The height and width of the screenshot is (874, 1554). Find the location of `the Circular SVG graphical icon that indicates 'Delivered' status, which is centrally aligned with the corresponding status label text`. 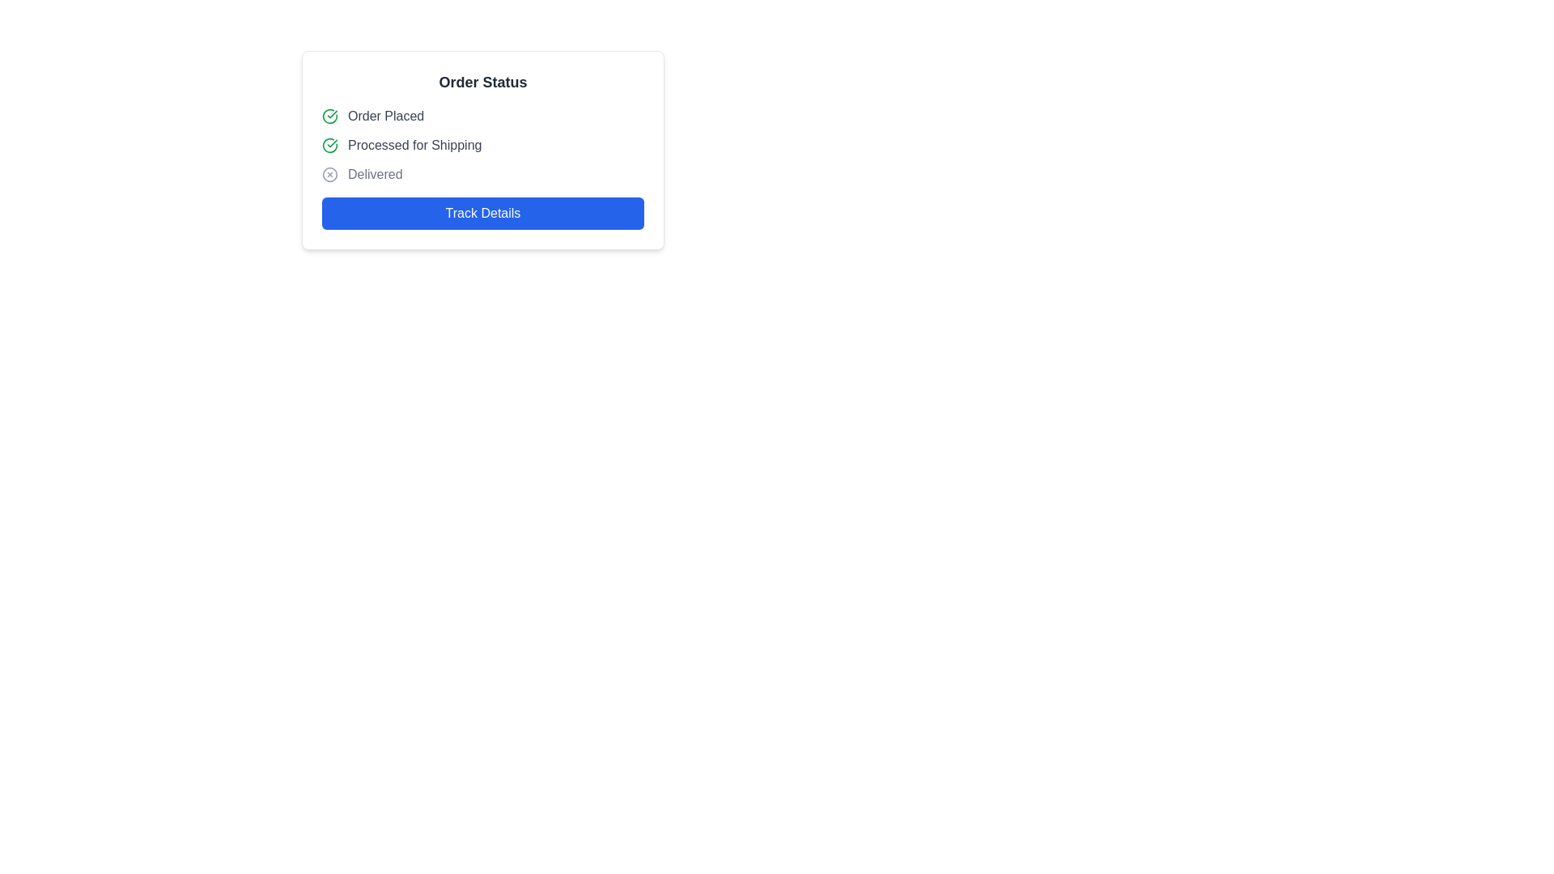

the Circular SVG graphical icon that indicates 'Delivered' status, which is centrally aligned with the corresponding status label text is located at coordinates (329, 175).